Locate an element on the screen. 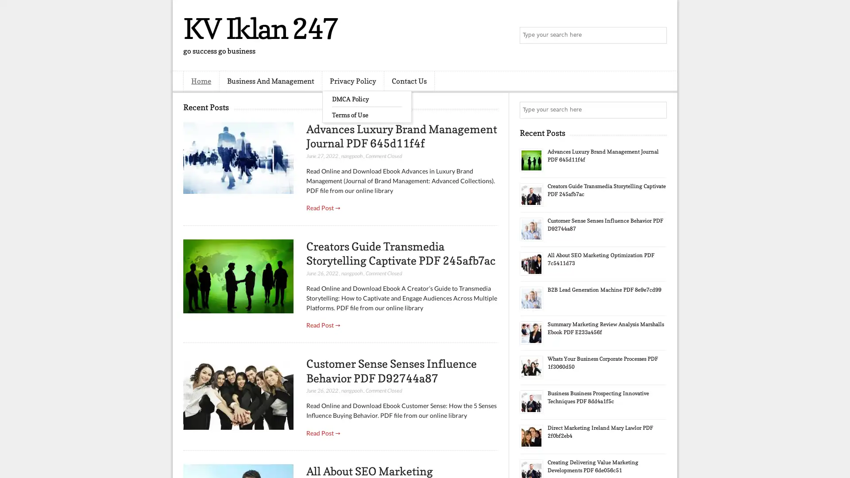 The image size is (850, 478). Search is located at coordinates (657, 35).